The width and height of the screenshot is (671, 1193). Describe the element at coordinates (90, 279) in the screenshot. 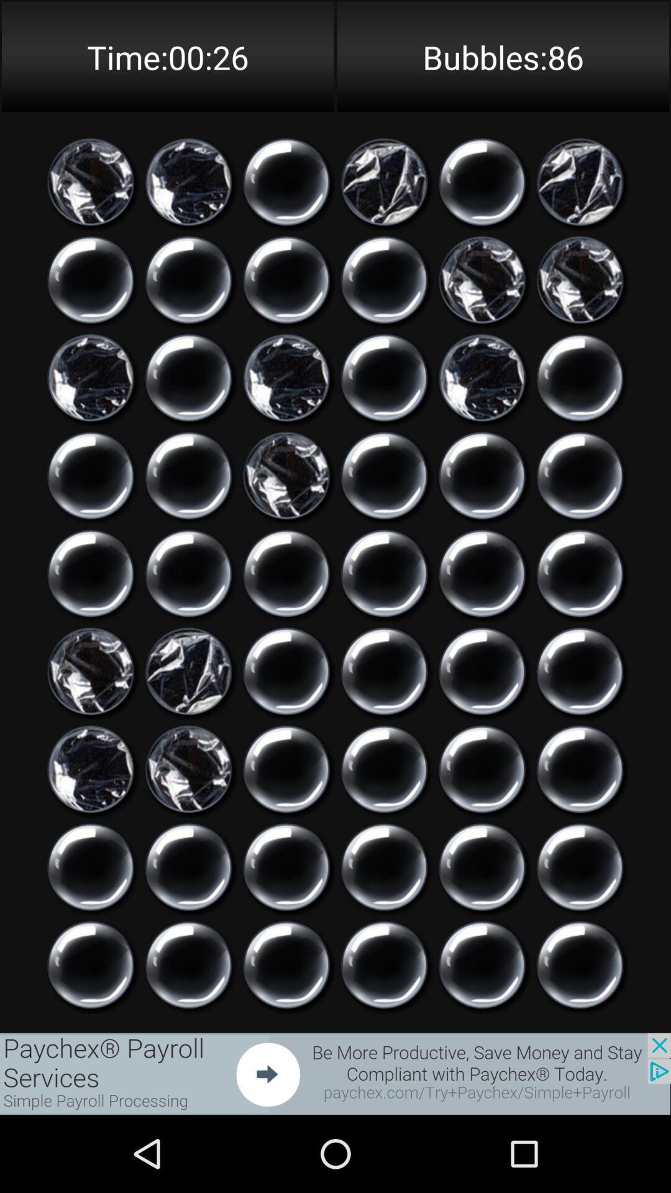

I see `option` at that location.